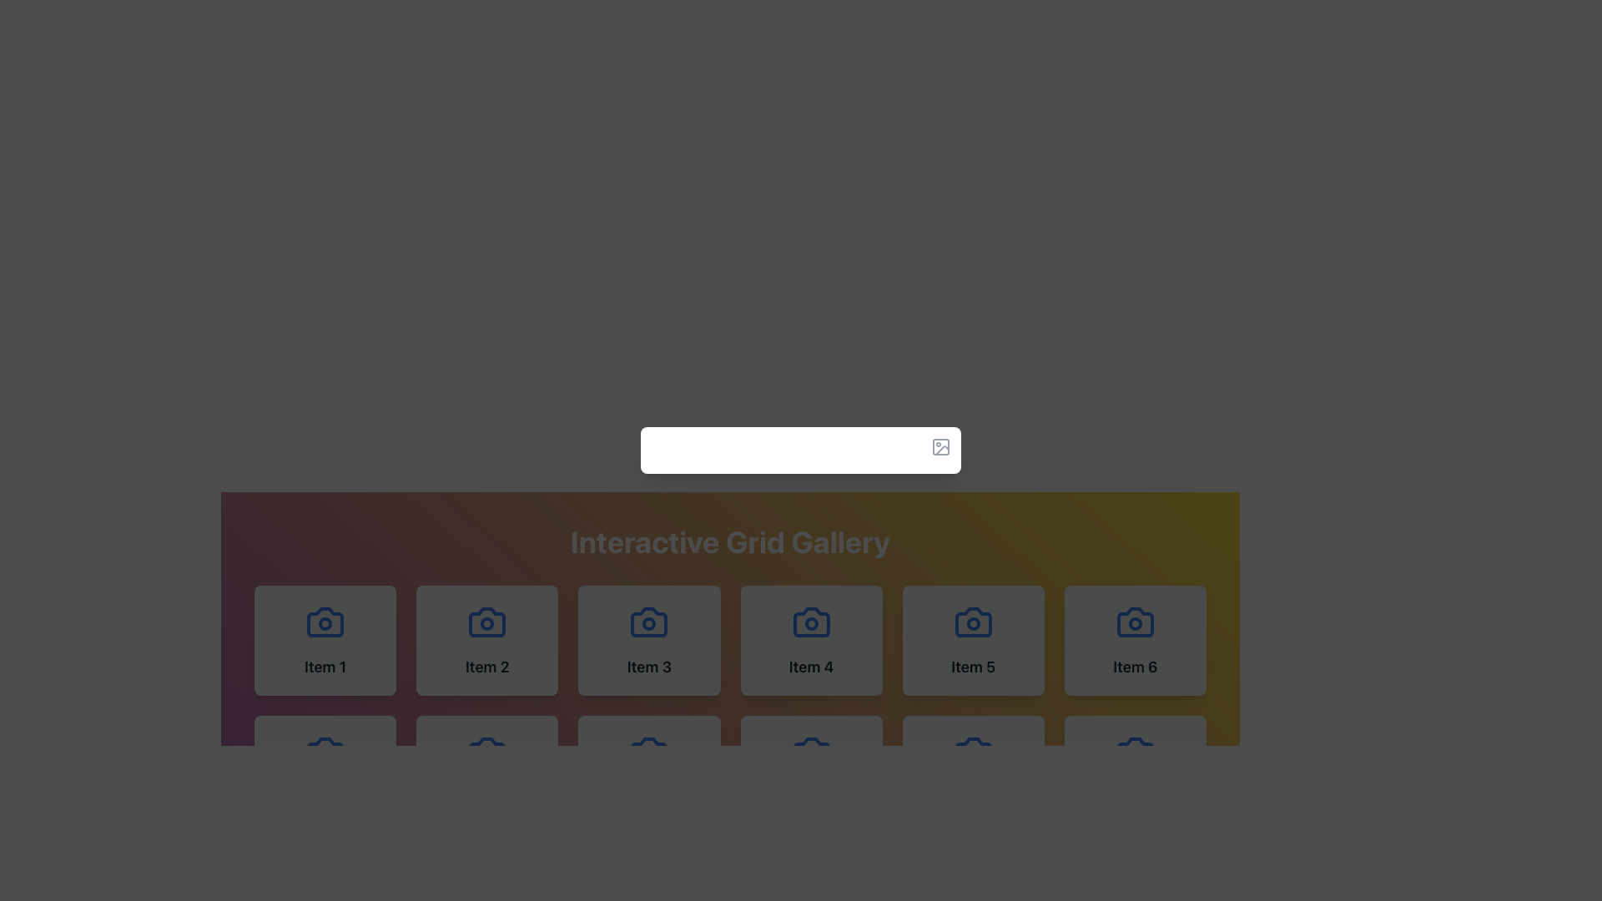 This screenshot has height=901, width=1602. What do you see at coordinates (973, 639) in the screenshot?
I see `the Interactive Card located in the first row and fifth column of the grid layout` at bounding box center [973, 639].